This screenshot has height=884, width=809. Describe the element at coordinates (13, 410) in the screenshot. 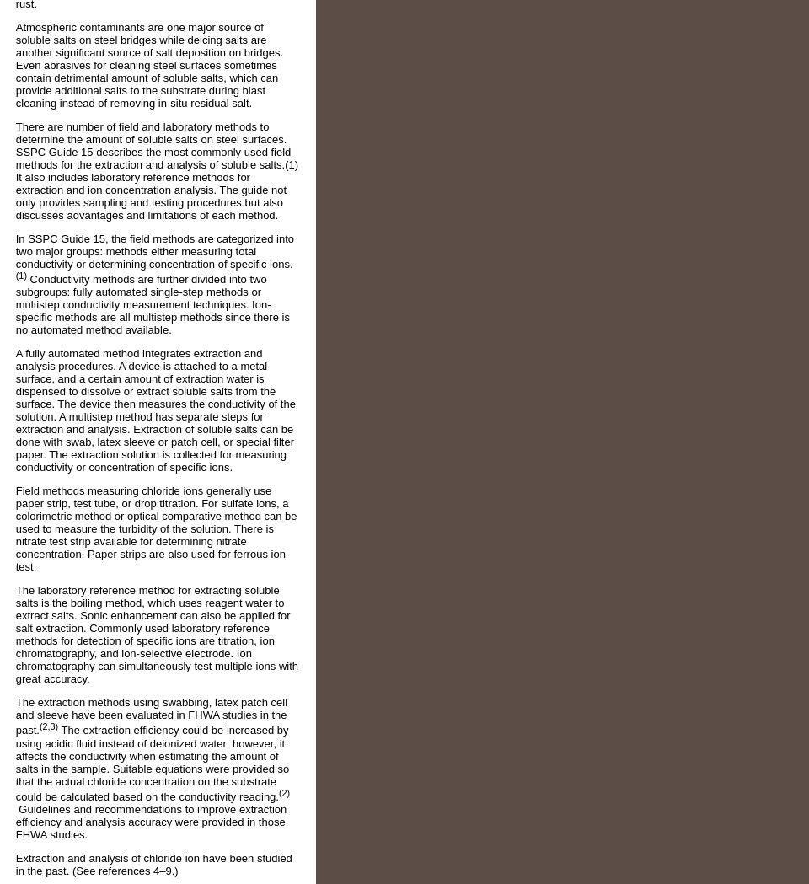

I see `'A fully automated method integrates extraction and analysis  procedures. A device is attached to a metal surface, and a certain amount of  extraction water is dispensed to dissolve or extract soluble salts from the  surface. The device then measures the conductivity of the solution. A multistep  method has separate steps for extraction and analysis. Extraction of soluble  salts can be done with swab, latex sleeve or patch cell, or special filter  paper. The extraction solution is collected for measuring conductivity or  concentration of specific ions.'` at that location.